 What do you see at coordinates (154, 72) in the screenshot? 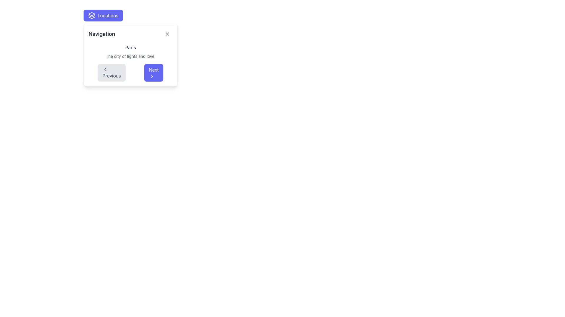
I see `the 'Next' button with a blue background and white text located in the bottom-right of the 'Navigation' modal to proceed to the next page` at bounding box center [154, 72].